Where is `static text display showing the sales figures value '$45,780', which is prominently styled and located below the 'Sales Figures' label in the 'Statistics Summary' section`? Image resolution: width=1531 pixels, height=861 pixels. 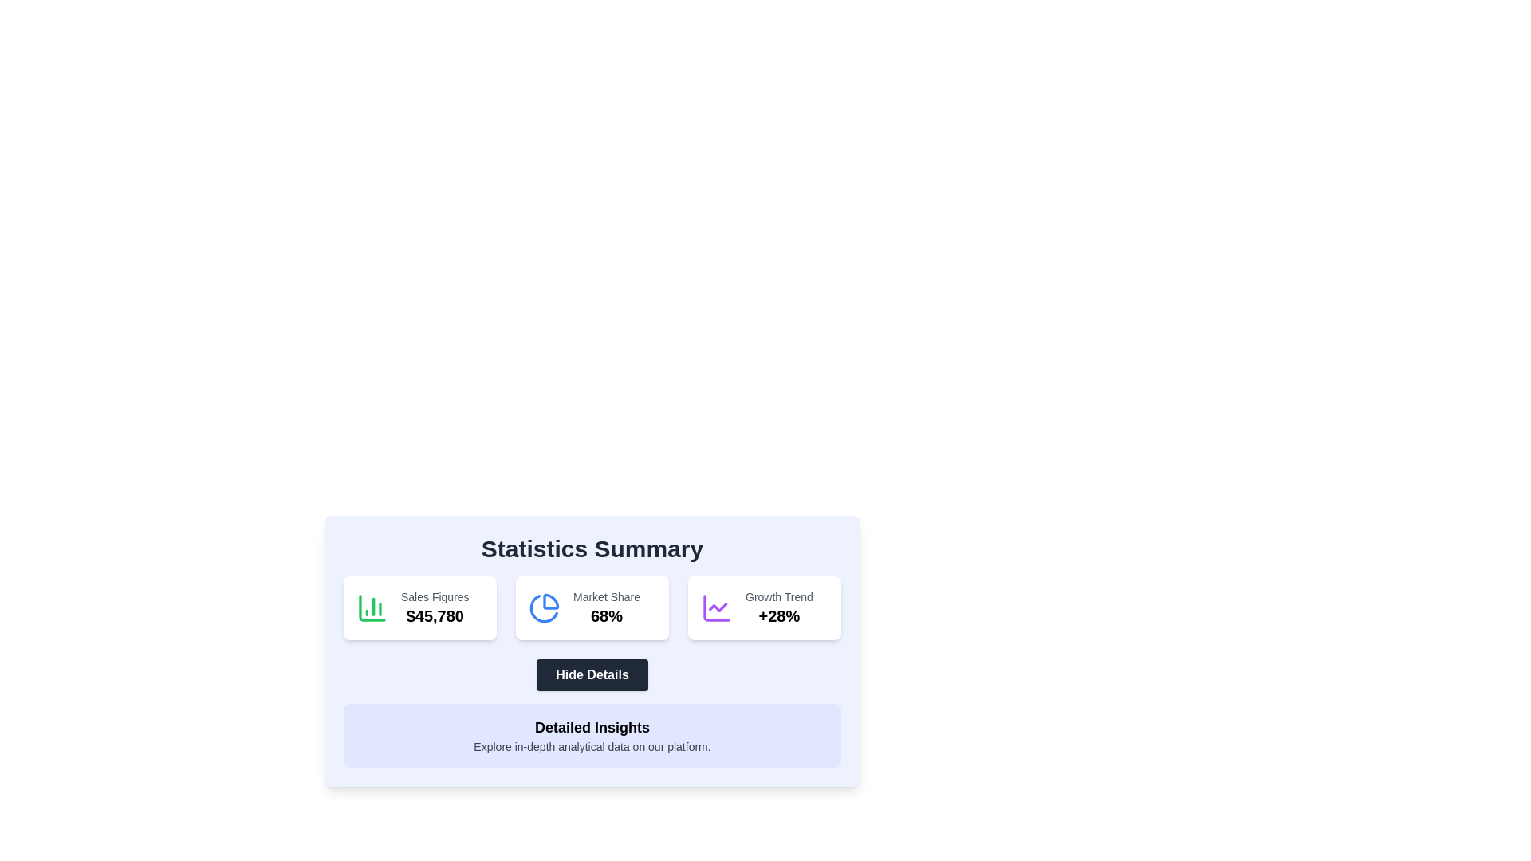 static text display showing the sales figures value '$45,780', which is prominently styled and located below the 'Sales Figures' label in the 'Statistics Summary' section is located at coordinates (435, 615).